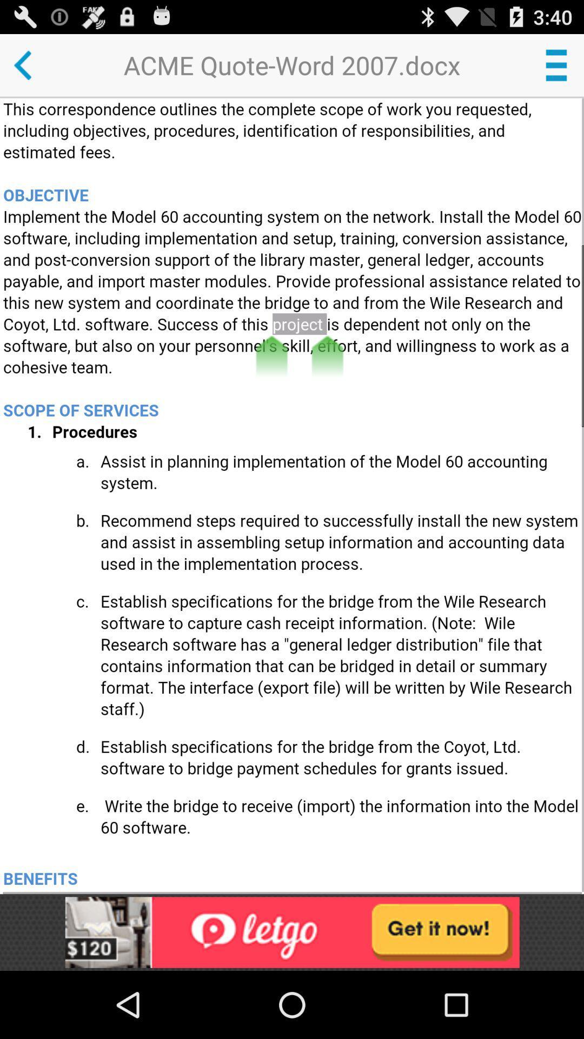  Describe the element at coordinates (556, 64) in the screenshot. I see `open side menu` at that location.